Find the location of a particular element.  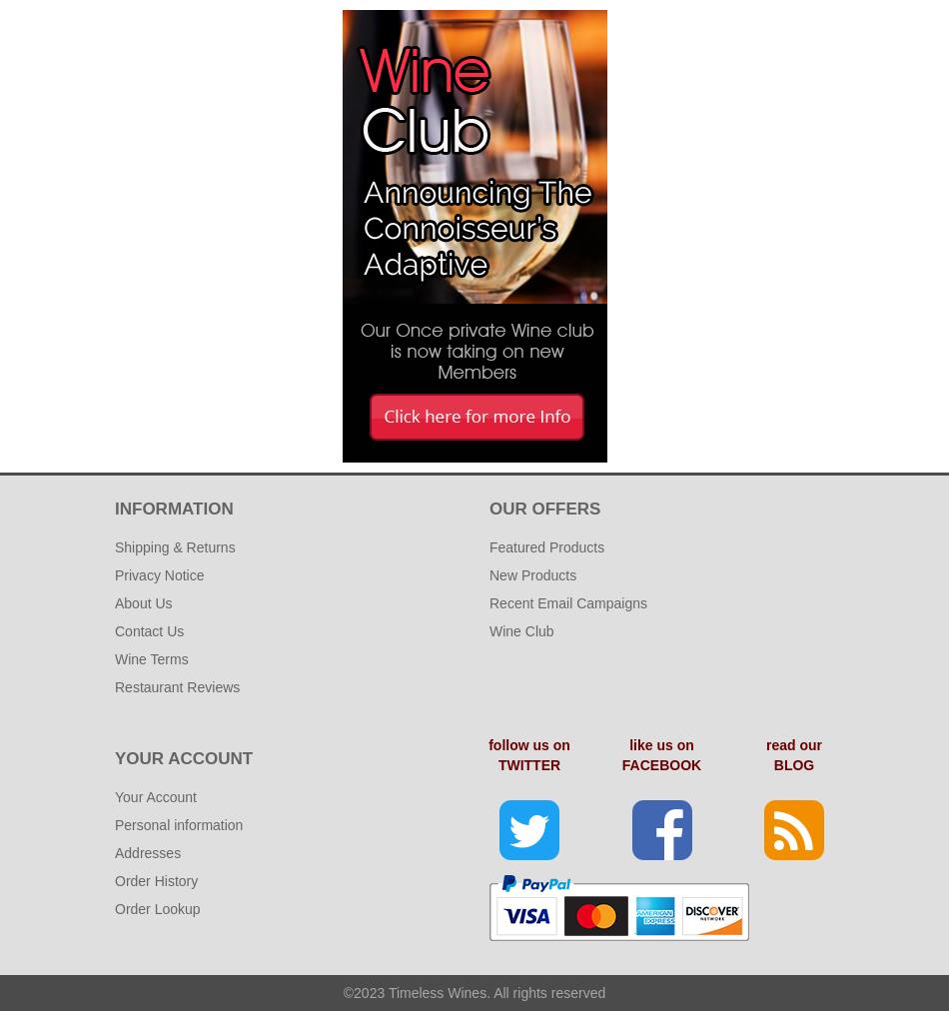

'Privacy Notice' is located at coordinates (159, 574).